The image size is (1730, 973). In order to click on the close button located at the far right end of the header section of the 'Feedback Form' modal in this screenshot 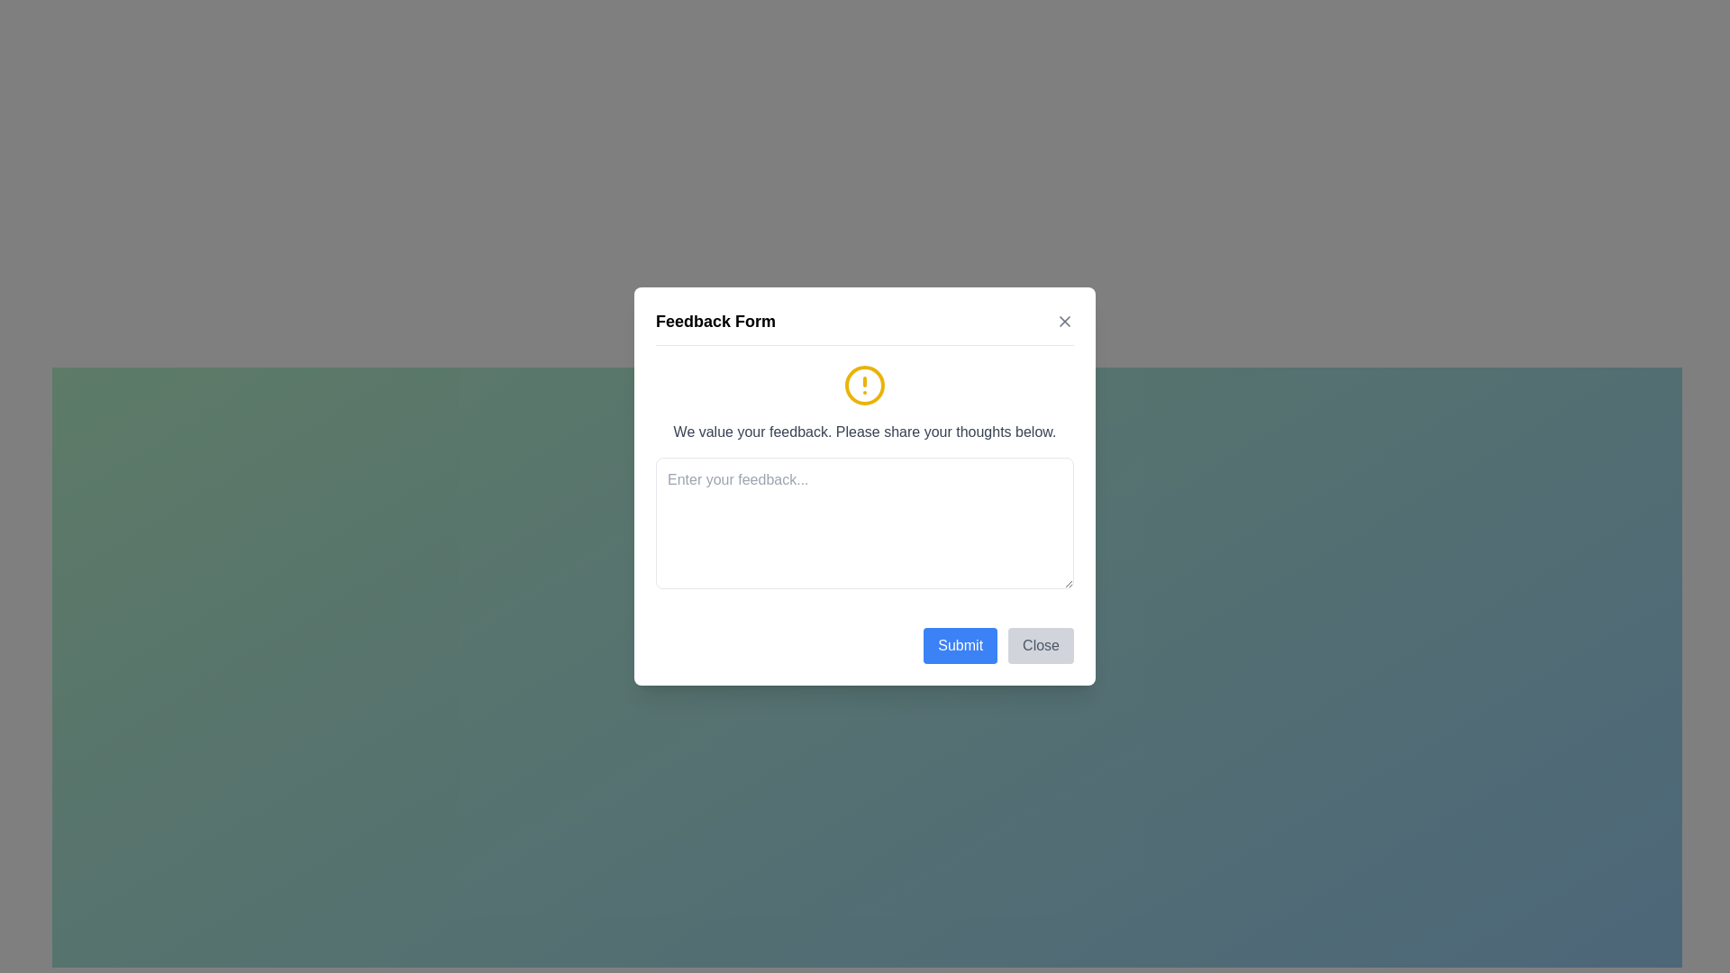, I will do `click(1064, 321)`.